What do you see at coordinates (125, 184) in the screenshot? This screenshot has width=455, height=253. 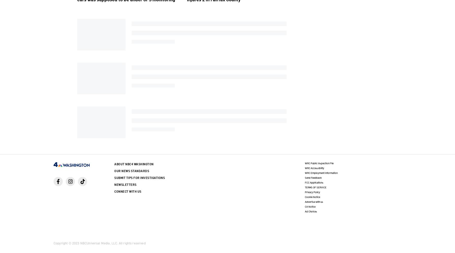 I see `'Newsletters'` at bounding box center [125, 184].